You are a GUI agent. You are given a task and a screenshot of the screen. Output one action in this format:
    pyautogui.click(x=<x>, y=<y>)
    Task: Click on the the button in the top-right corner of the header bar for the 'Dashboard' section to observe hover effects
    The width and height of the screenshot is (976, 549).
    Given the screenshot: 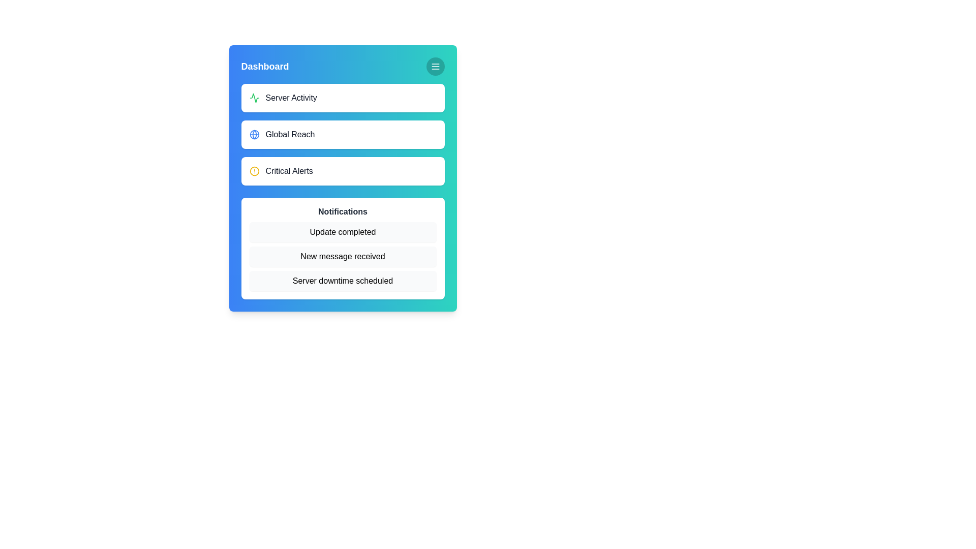 What is the action you would take?
    pyautogui.click(x=435, y=67)
    